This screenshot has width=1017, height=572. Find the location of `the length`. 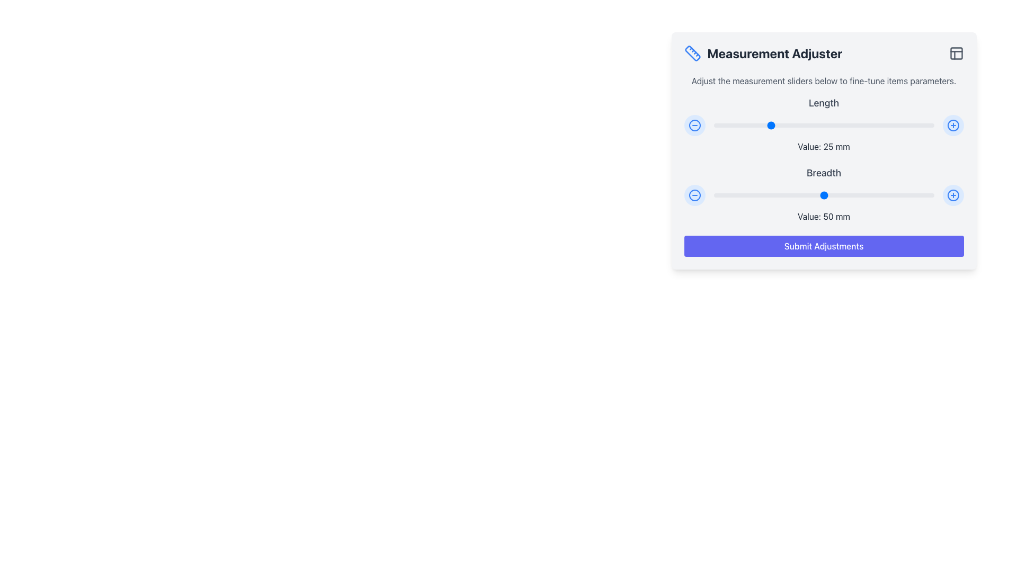

the length is located at coordinates (762, 124).